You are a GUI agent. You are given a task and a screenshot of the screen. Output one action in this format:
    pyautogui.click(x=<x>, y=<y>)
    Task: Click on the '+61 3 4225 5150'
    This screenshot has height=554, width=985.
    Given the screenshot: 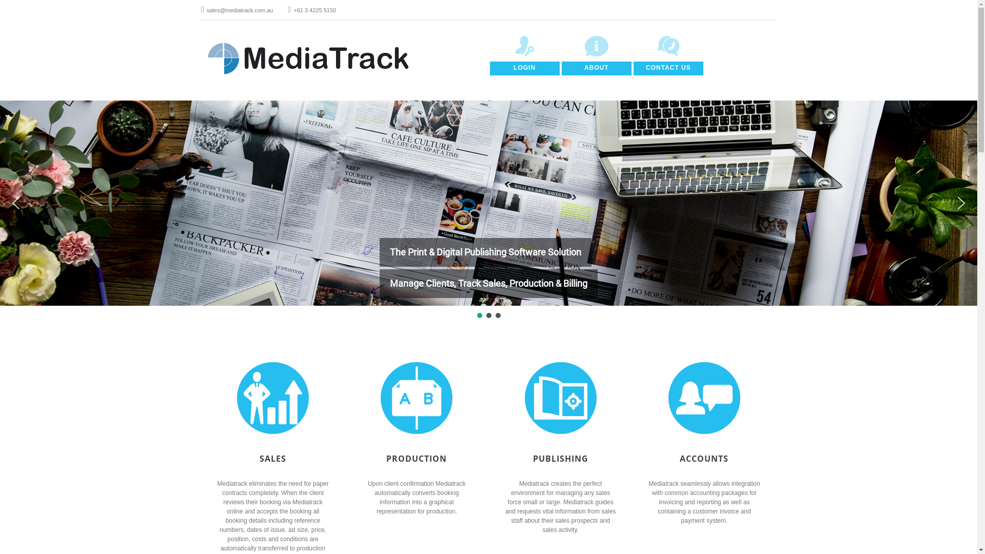 What is the action you would take?
    pyautogui.click(x=287, y=10)
    